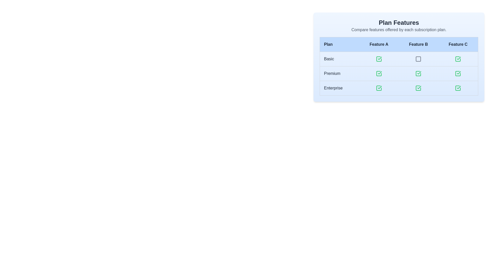 The height and width of the screenshot is (276, 491). I want to click on the green checkmark icon in the bottom right corner of the grid that signifies the availability of 'Feature C' in the 'Enterprise' plan, so click(458, 88).